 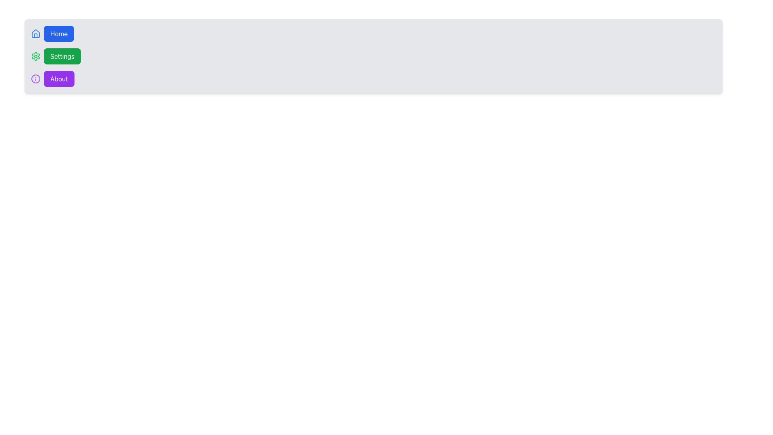 What do you see at coordinates (35, 33) in the screenshot?
I see `the blue house icon at the beginning of the horizontal menu` at bounding box center [35, 33].